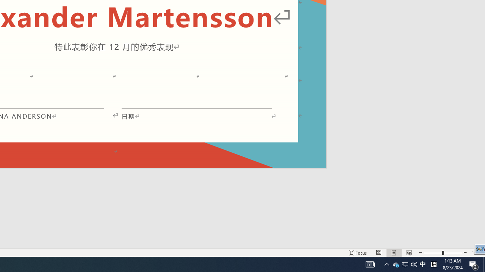 The width and height of the screenshot is (485, 272). What do you see at coordinates (379, 253) in the screenshot?
I see `'Read Mode'` at bounding box center [379, 253].